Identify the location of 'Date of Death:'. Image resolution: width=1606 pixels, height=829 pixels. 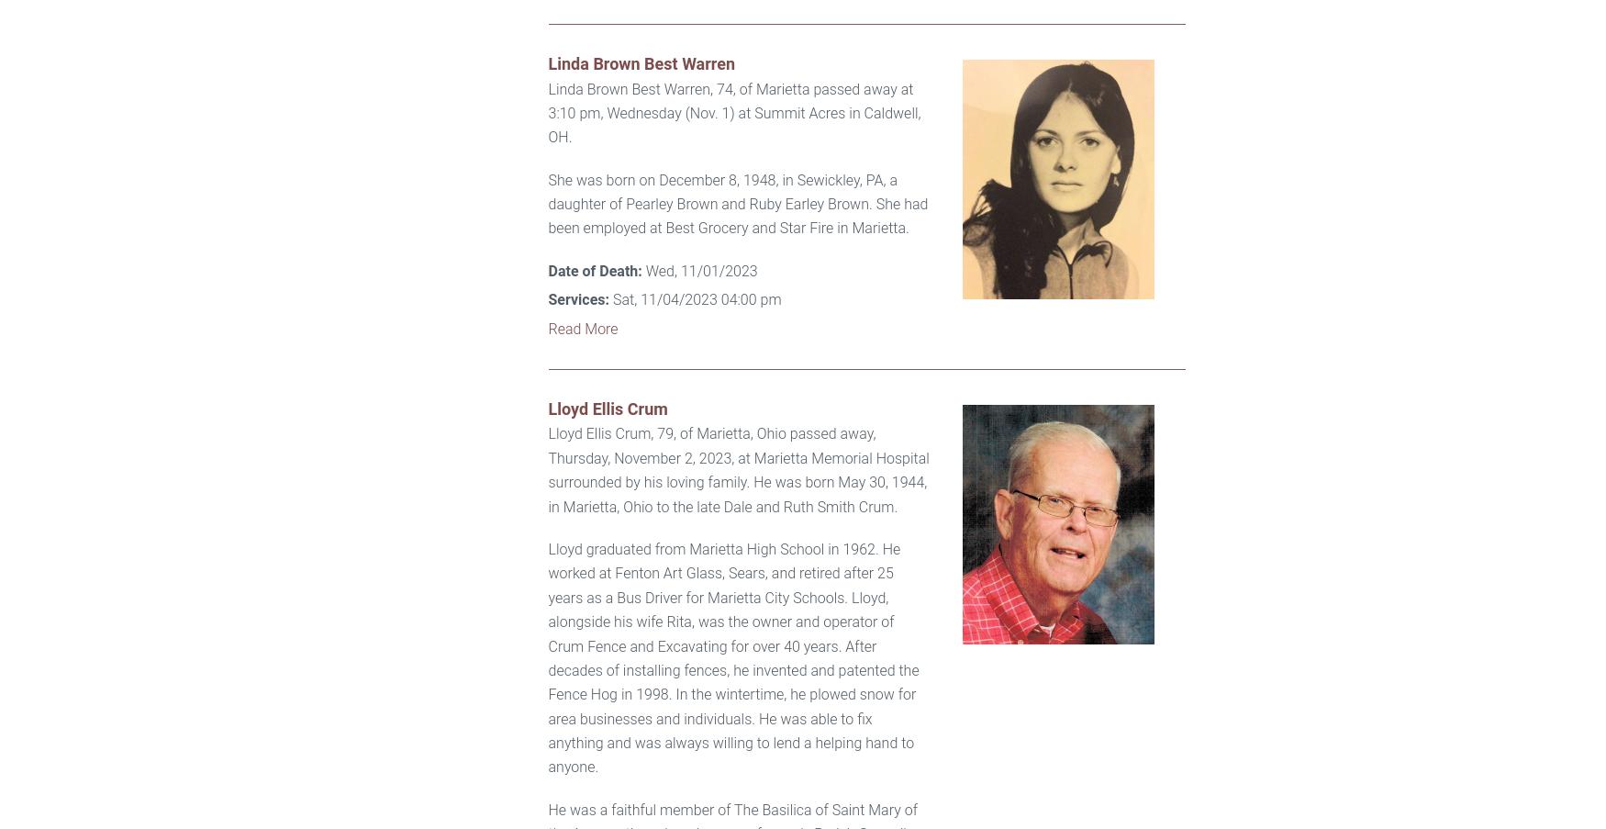
(594, 269).